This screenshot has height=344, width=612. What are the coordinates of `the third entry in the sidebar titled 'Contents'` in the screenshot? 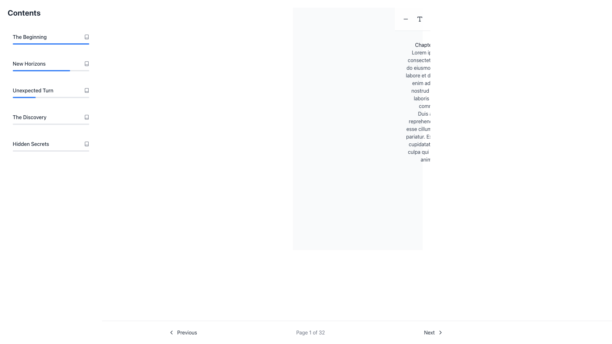 It's located at (50, 92).